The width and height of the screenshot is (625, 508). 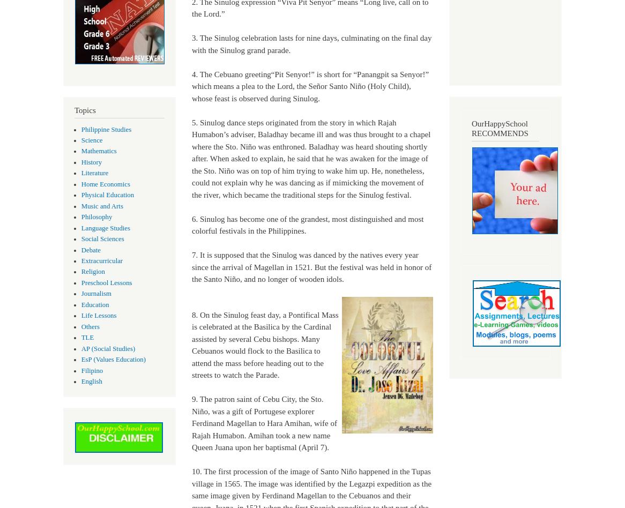 I want to click on 'Language Studies', so click(x=105, y=227).